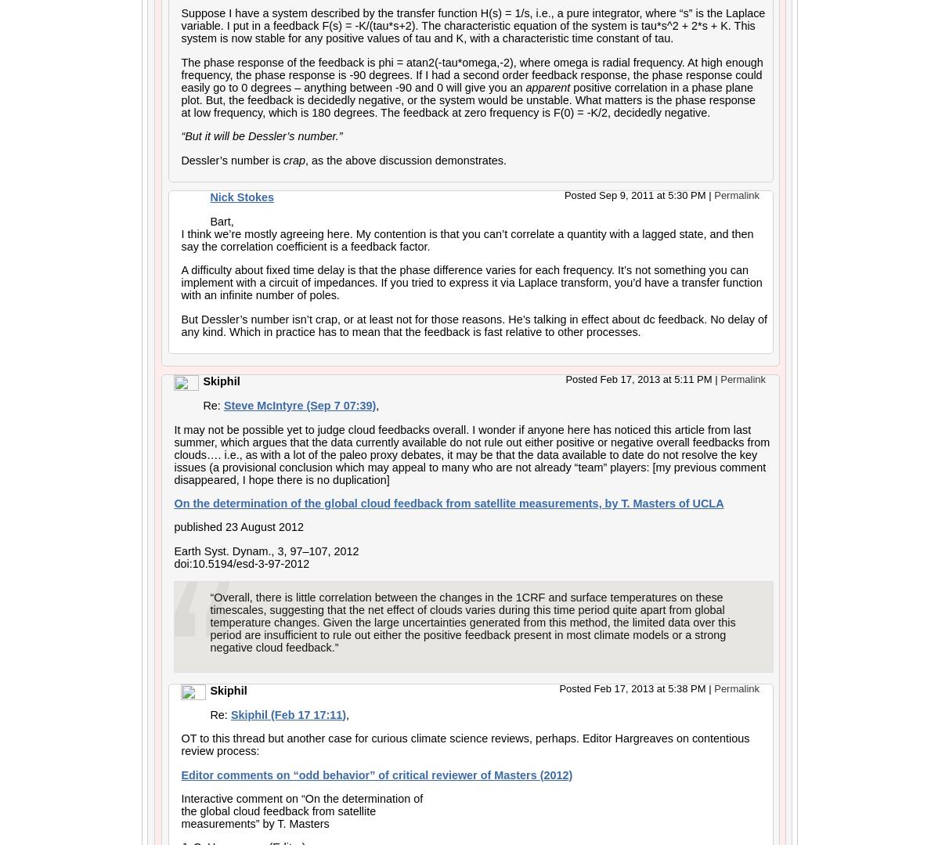  I want to click on 'I think we’re mostly agreeing here. My contention is that you can’t correlate a quantity with a lagged state, and then say the correlation coefficient is a feedback factor.', so click(467, 239).